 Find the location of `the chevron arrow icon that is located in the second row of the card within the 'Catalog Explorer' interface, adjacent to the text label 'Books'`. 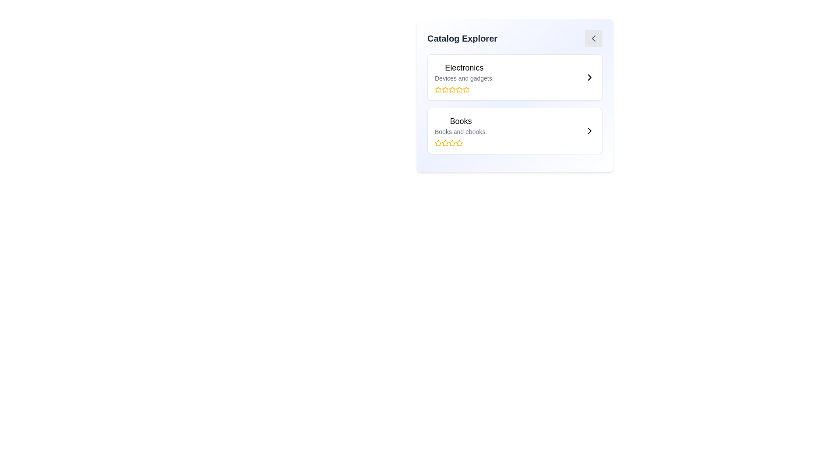

the chevron arrow icon that is located in the second row of the card within the 'Catalog Explorer' interface, adjacent to the text label 'Books' is located at coordinates (590, 131).